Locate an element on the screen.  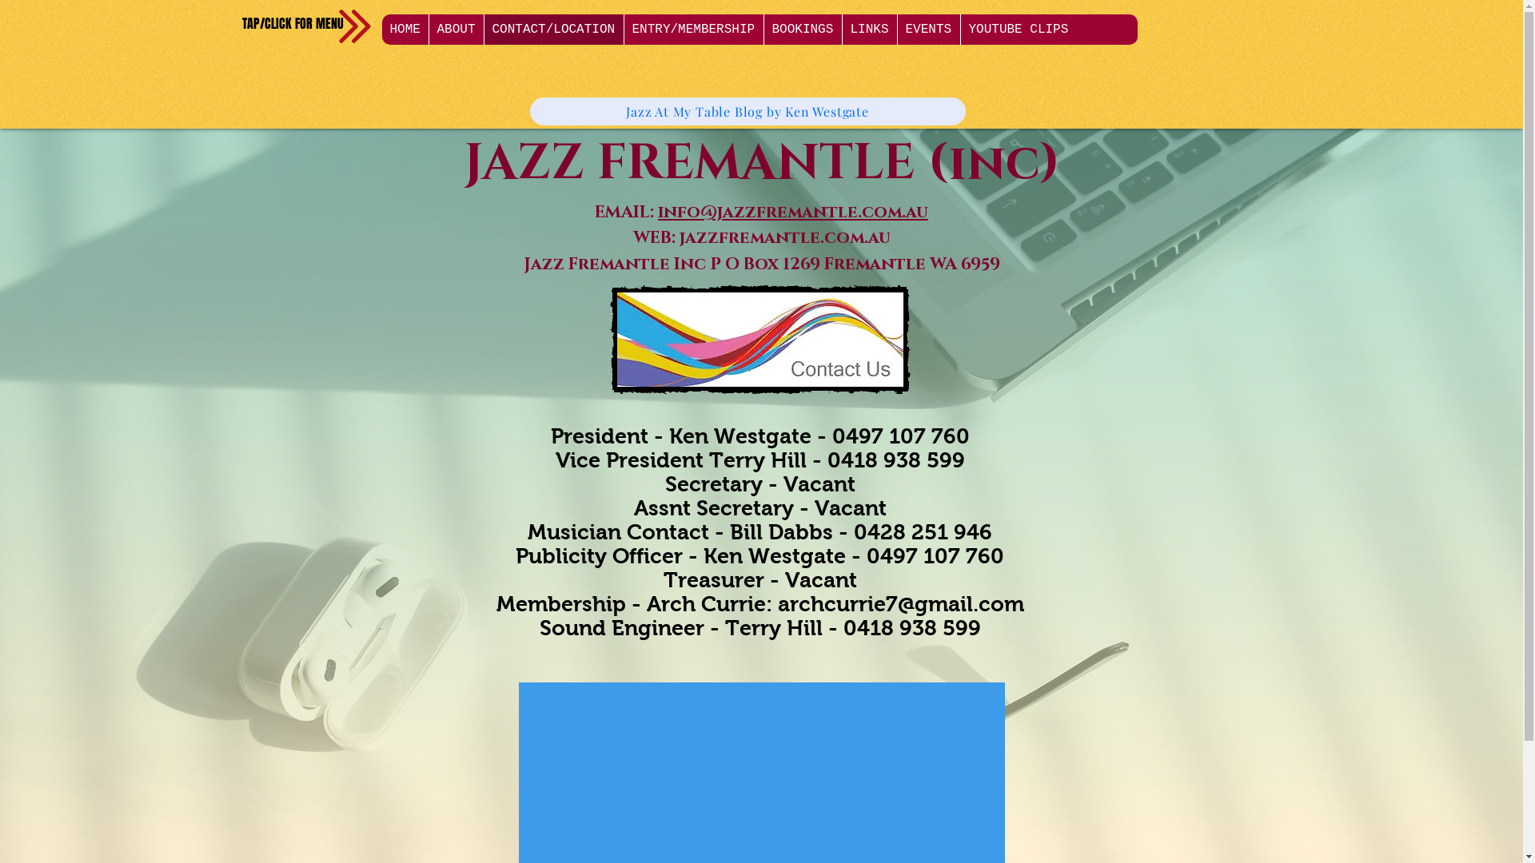
'EVENTS' is located at coordinates (928, 30).